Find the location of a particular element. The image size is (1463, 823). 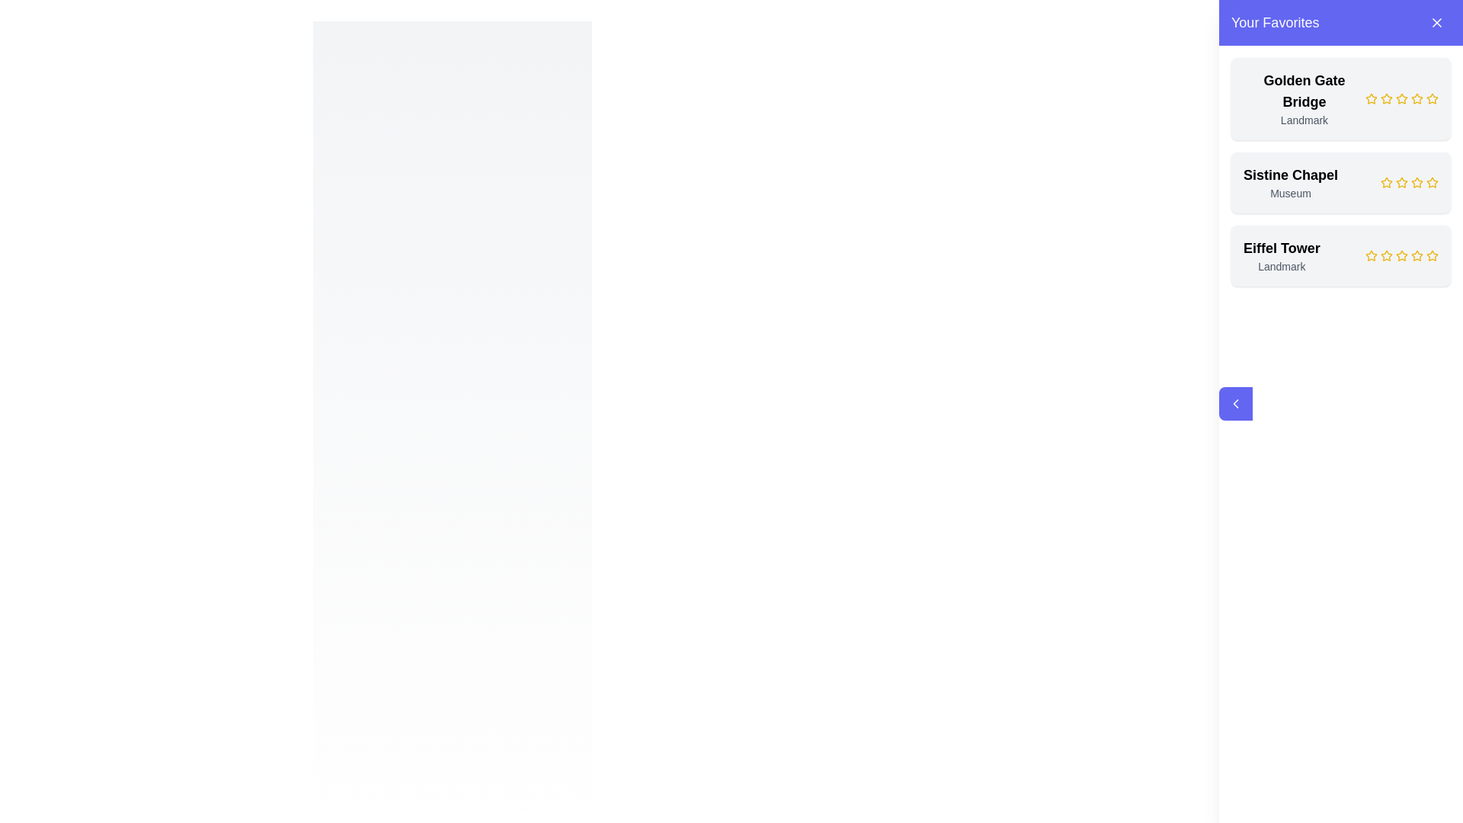

the second star in the rating system for the 'Sistine Chapel' located in the right-hand sidebar under 'Your Favorites' is located at coordinates (1386, 181).